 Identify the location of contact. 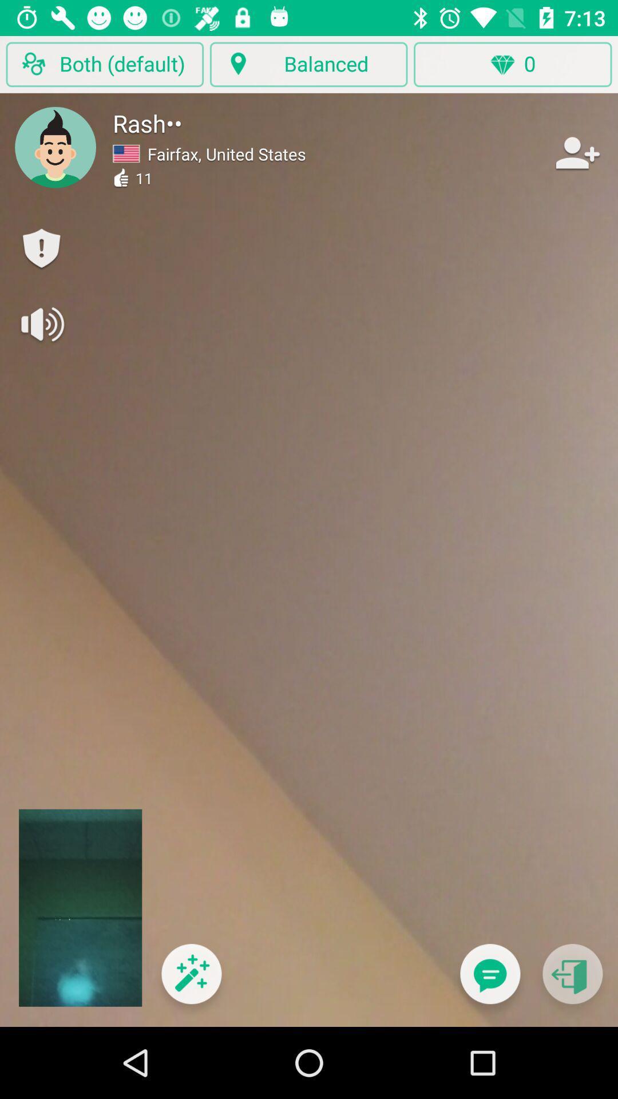
(576, 152).